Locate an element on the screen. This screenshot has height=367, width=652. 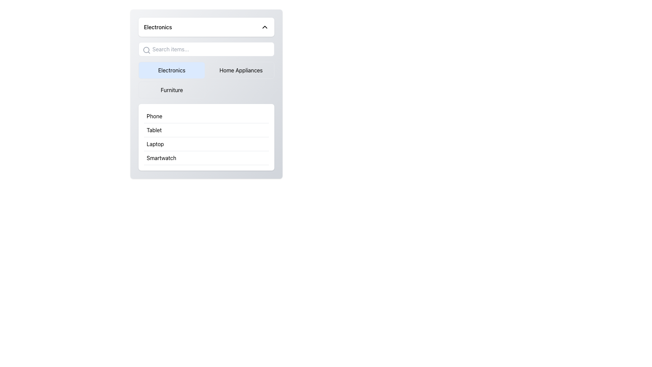
the clickable option in the electronics category list is located at coordinates (206, 106).